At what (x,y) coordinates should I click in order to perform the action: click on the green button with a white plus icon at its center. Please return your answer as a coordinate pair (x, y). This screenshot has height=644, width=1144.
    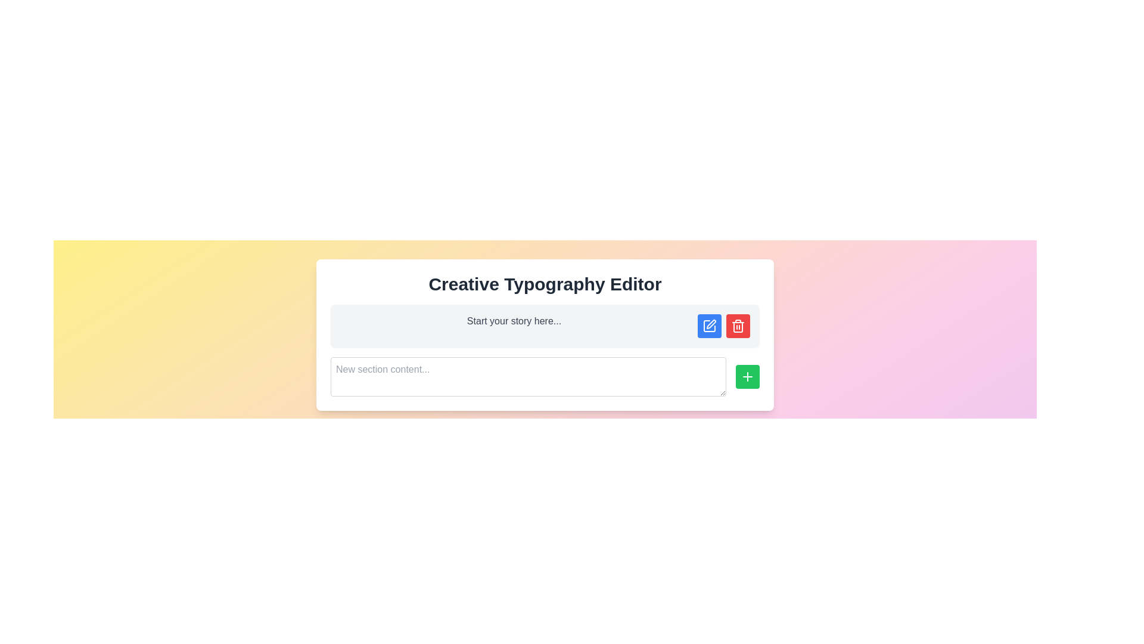
    Looking at the image, I should click on (747, 377).